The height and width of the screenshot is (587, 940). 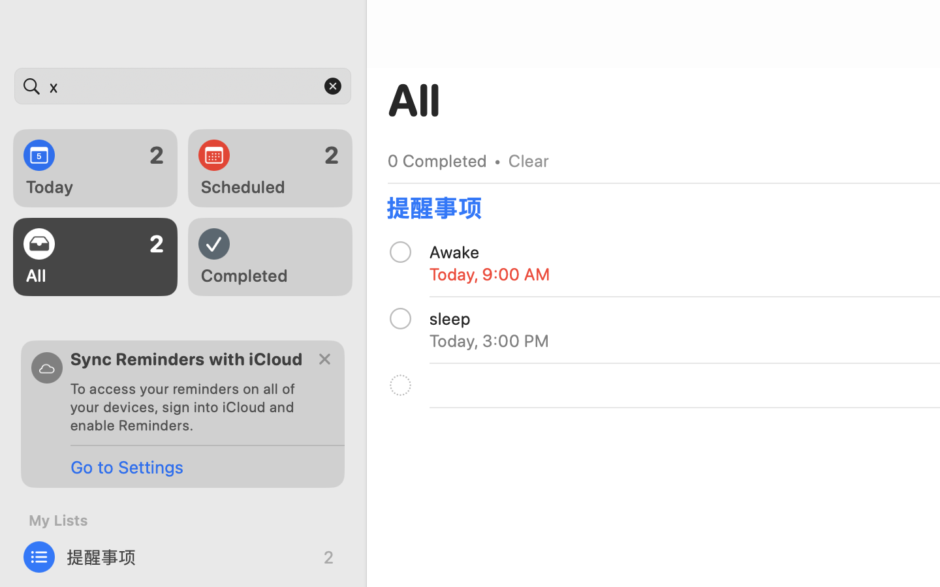 What do you see at coordinates (488, 340) in the screenshot?
I see `'Today, 3:00 PM'` at bounding box center [488, 340].